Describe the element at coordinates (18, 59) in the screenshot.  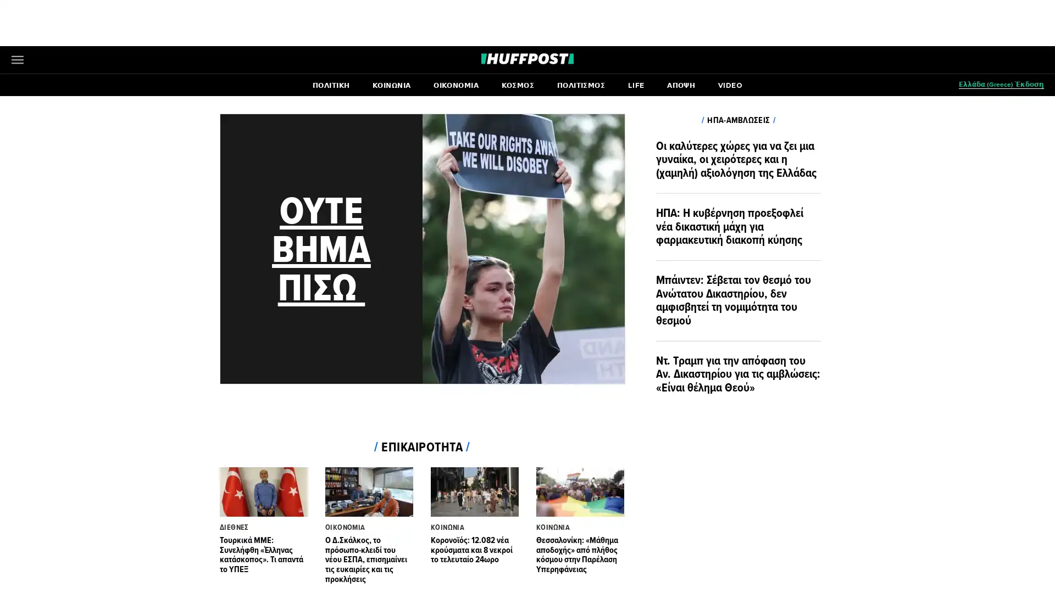
I see `Open main menu` at that location.